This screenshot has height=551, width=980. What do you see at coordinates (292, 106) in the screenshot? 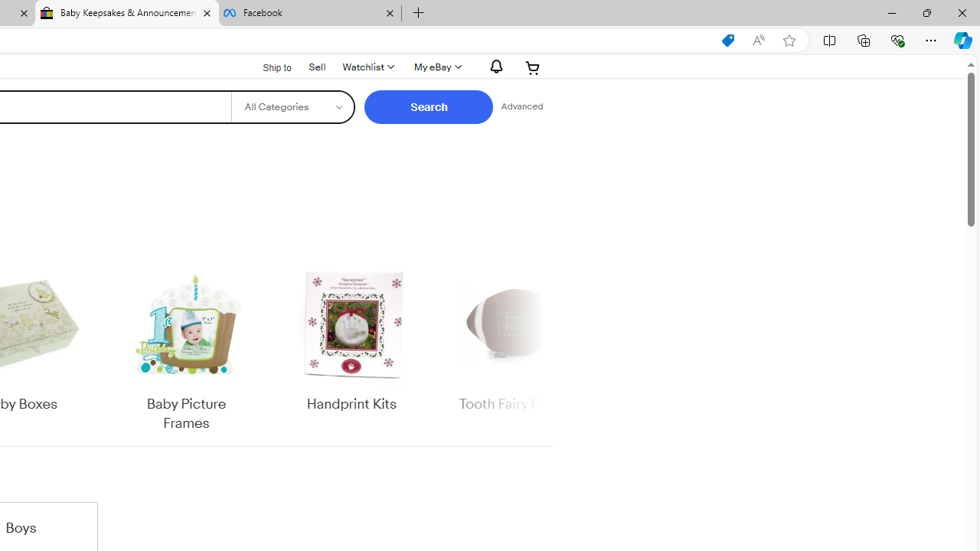
I see `'Select a category for search'` at bounding box center [292, 106].